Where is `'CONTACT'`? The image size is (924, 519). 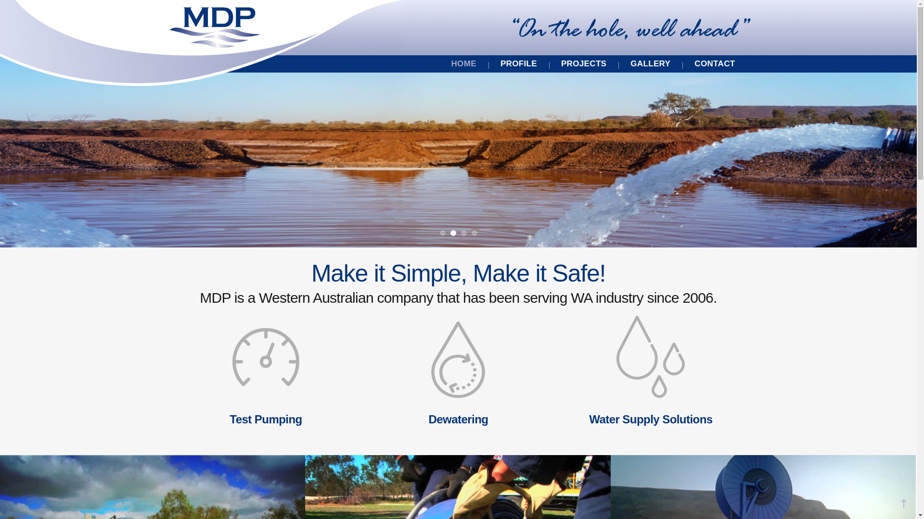
'CONTACT' is located at coordinates (714, 63).